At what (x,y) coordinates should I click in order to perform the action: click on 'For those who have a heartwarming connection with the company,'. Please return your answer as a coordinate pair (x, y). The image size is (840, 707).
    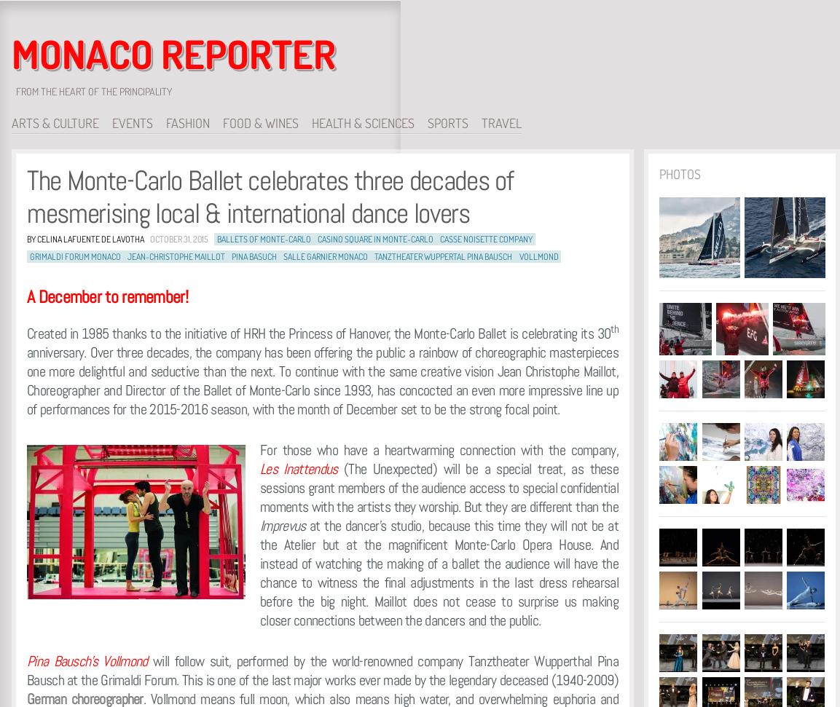
    Looking at the image, I should click on (439, 448).